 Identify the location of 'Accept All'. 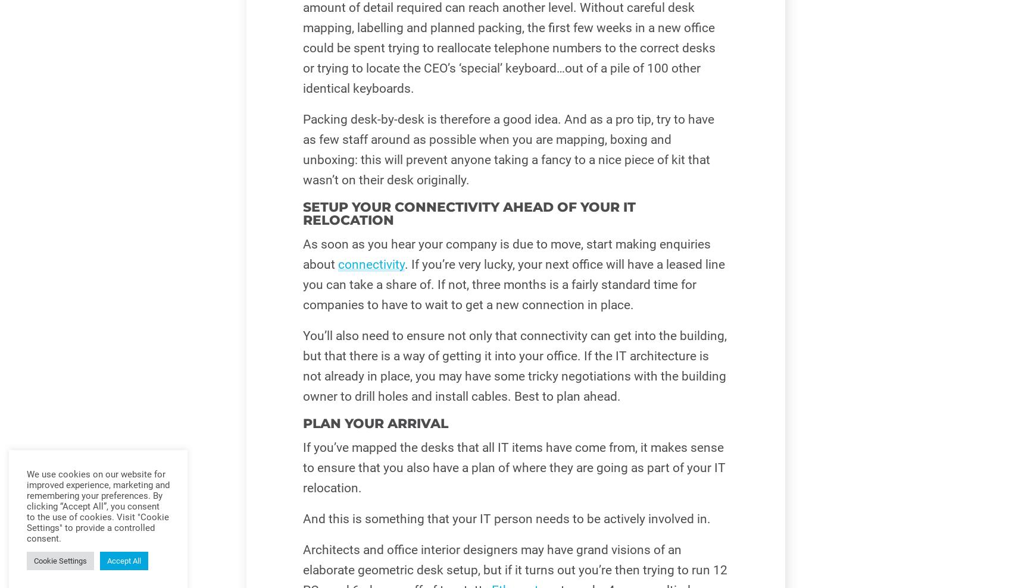
(124, 561).